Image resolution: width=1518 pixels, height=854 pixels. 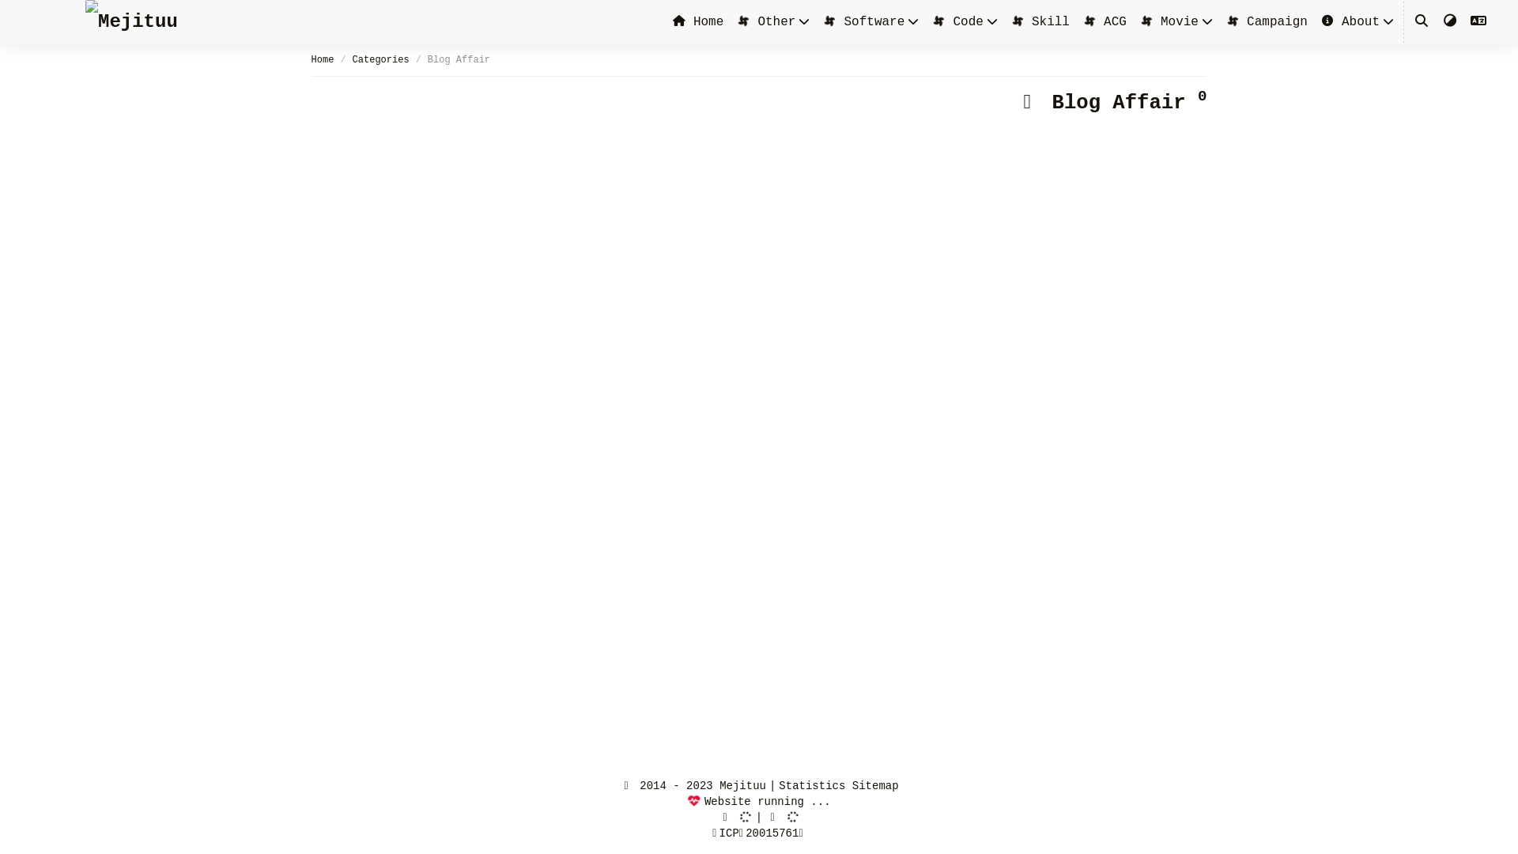 I want to click on 'Movie', so click(x=1169, y=21).